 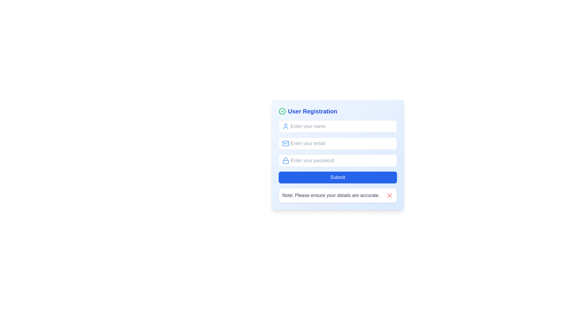 I want to click on the padlock icon representing security or password protection, located to the left of the 'Enter your password' input field, if enabled, so click(x=285, y=162).